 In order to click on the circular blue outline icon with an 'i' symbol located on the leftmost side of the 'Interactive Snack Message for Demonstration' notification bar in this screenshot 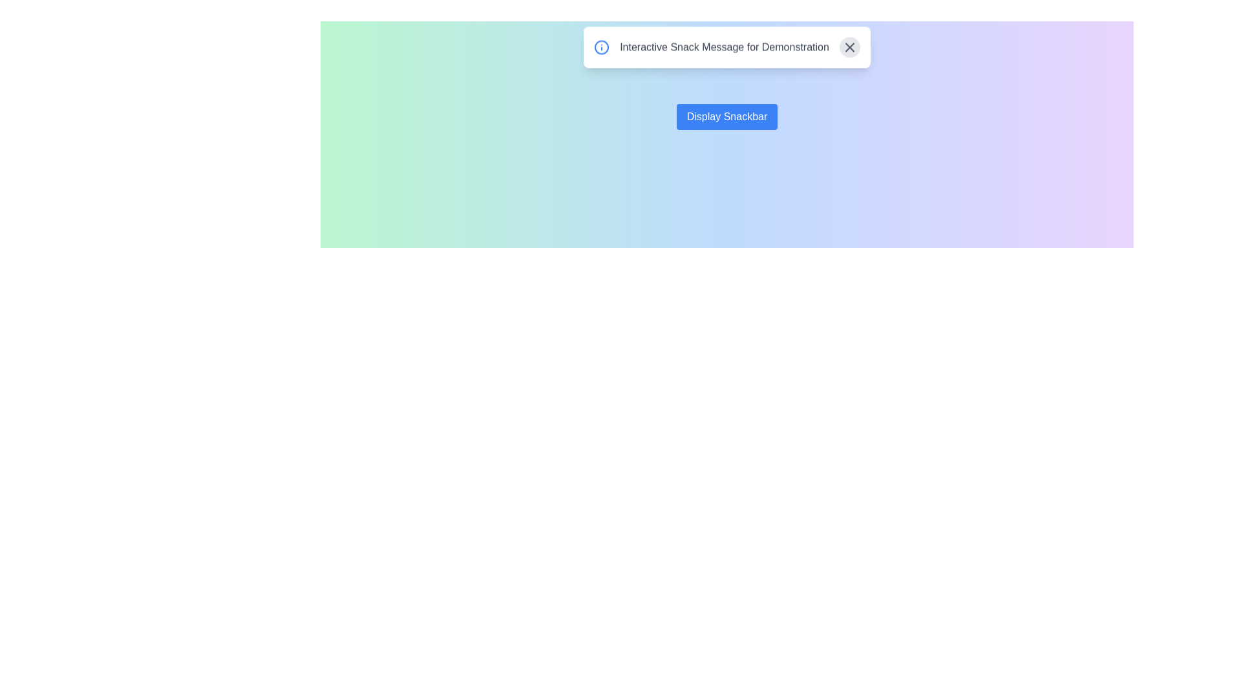, I will do `click(601, 52)`.